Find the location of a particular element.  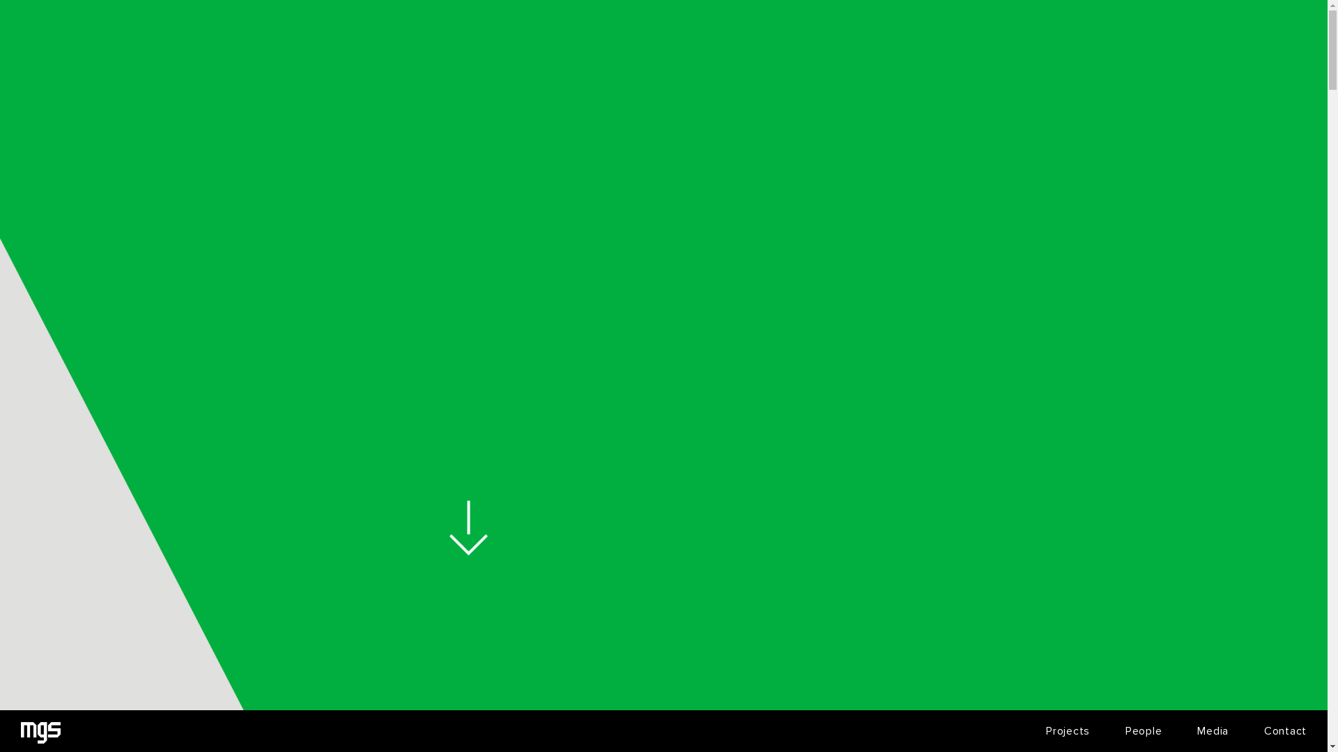

'People' is located at coordinates (1144, 730).